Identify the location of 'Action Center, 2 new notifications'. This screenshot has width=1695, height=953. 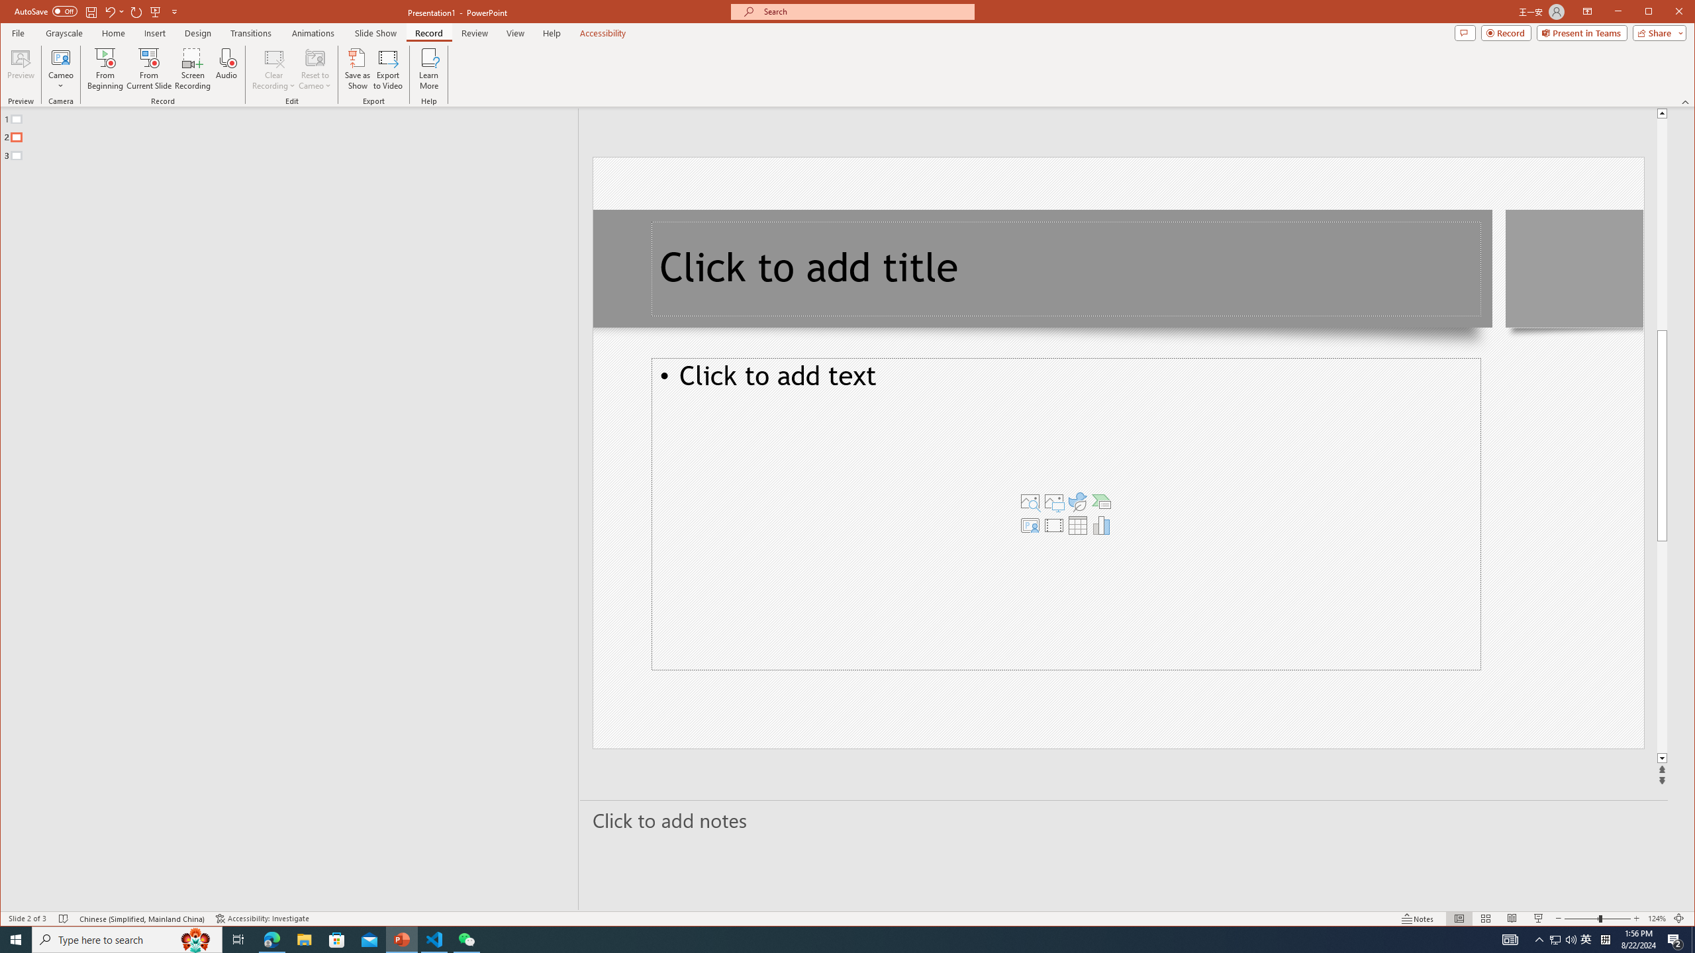
(1675, 938).